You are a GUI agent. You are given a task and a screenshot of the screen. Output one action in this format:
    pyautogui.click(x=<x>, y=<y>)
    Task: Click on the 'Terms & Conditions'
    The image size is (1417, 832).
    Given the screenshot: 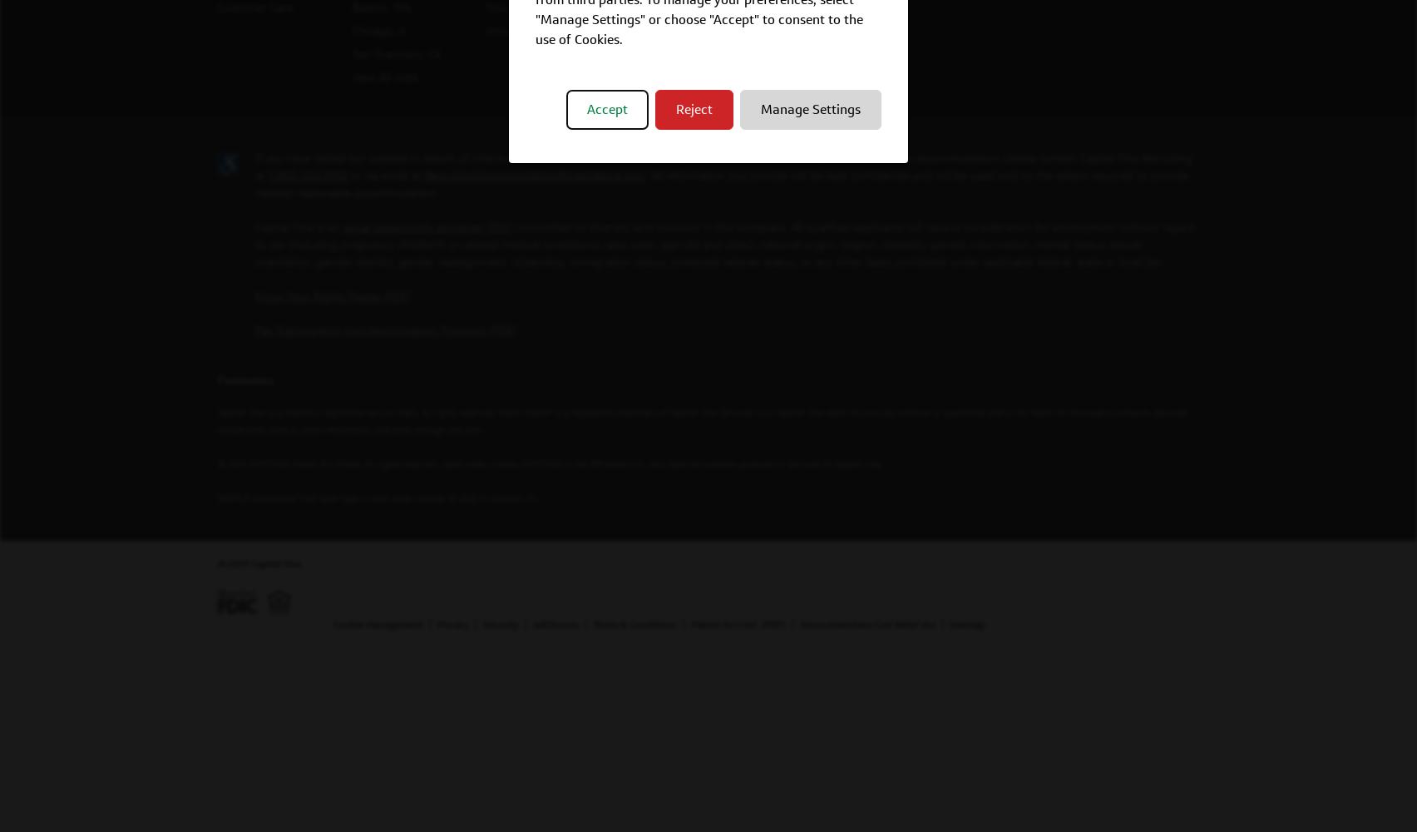 What is the action you would take?
    pyautogui.click(x=591, y=622)
    